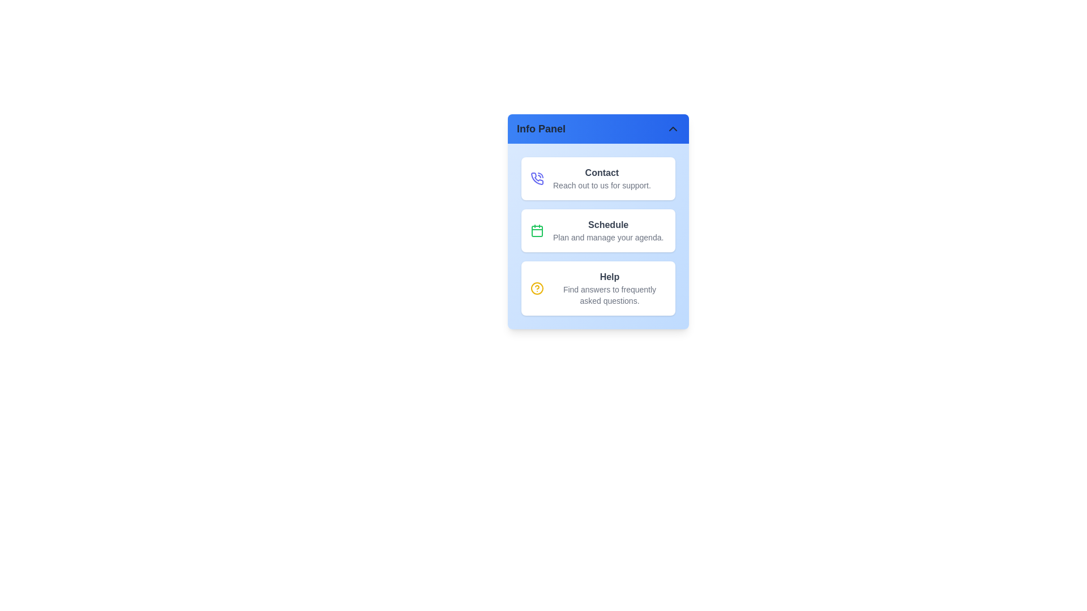 Image resolution: width=1087 pixels, height=611 pixels. What do you see at coordinates (597, 178) in the screenshot?
I see `the Contact item in the info panel` at bounding box center [597, 178].